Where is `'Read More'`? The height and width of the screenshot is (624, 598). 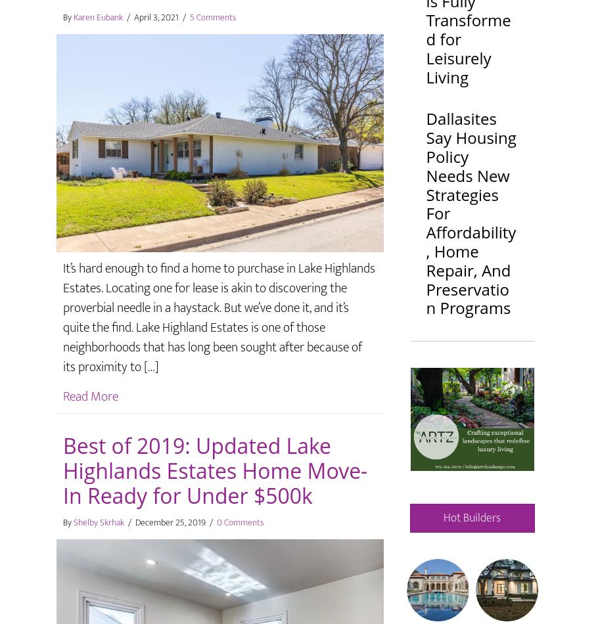 'Read More' is located at coordinates (89, 395).